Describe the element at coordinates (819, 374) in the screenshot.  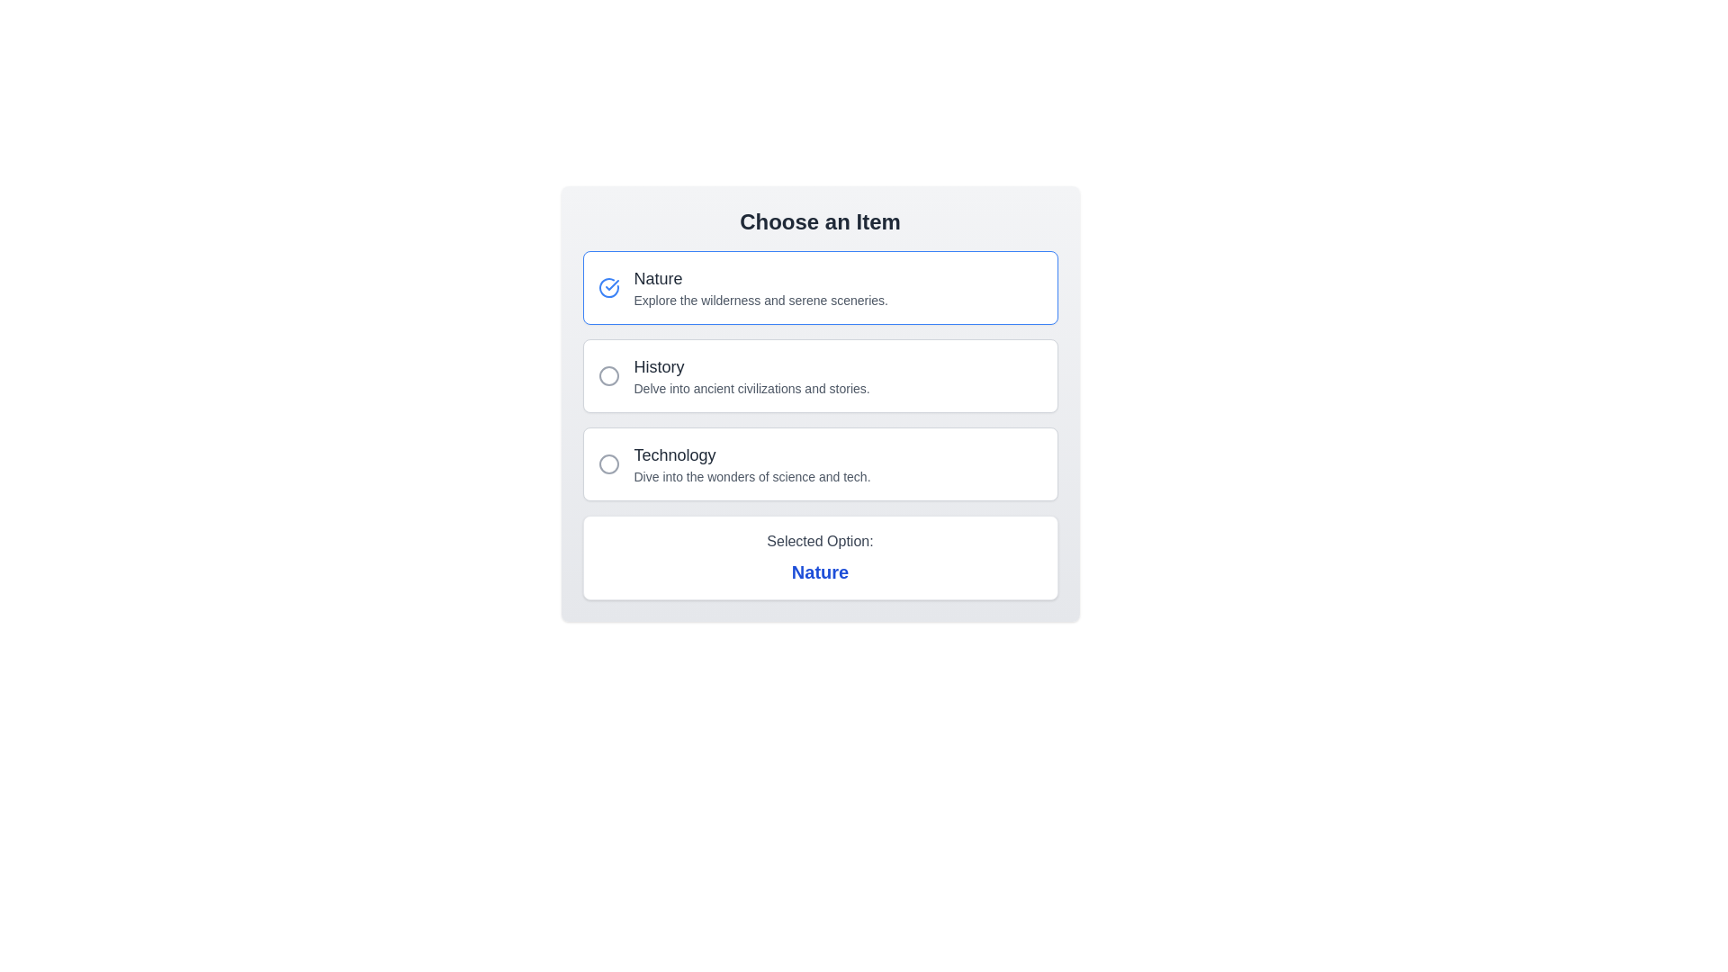
I see `the 'History' selectable list item, which is the second option in a vertical list between 'Nature' and 'Technology'` at that location.